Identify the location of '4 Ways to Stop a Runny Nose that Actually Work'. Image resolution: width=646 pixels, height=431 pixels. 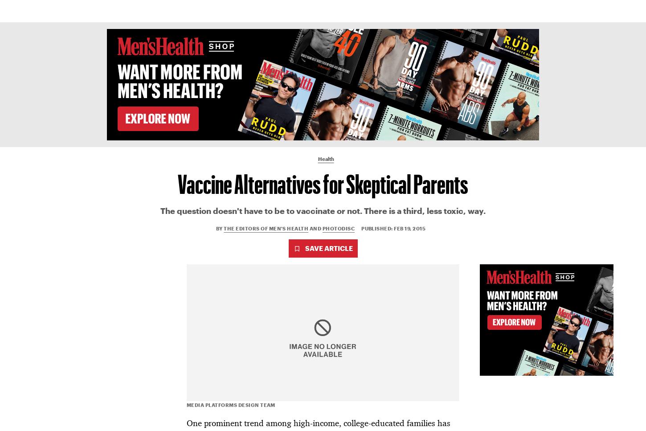
(518, 324).